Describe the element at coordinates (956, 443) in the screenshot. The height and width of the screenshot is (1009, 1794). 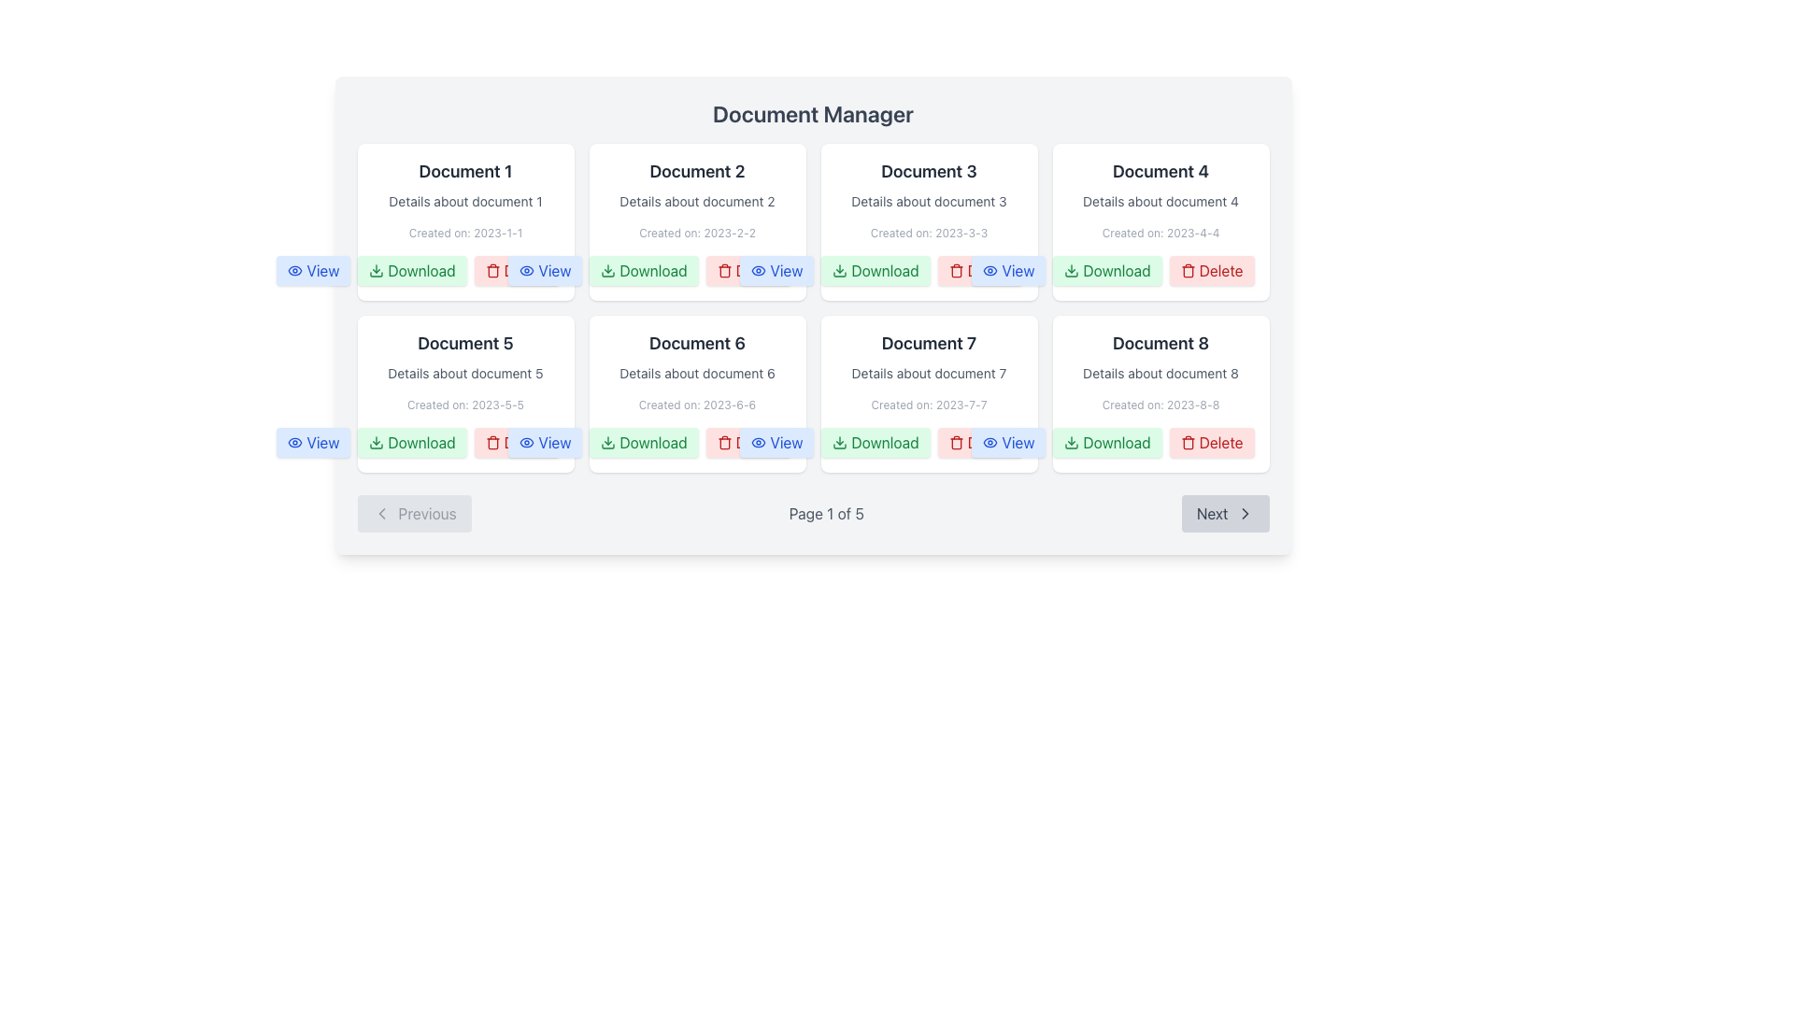
I see `the trash can icon inside the 'Delete' button` at that location.